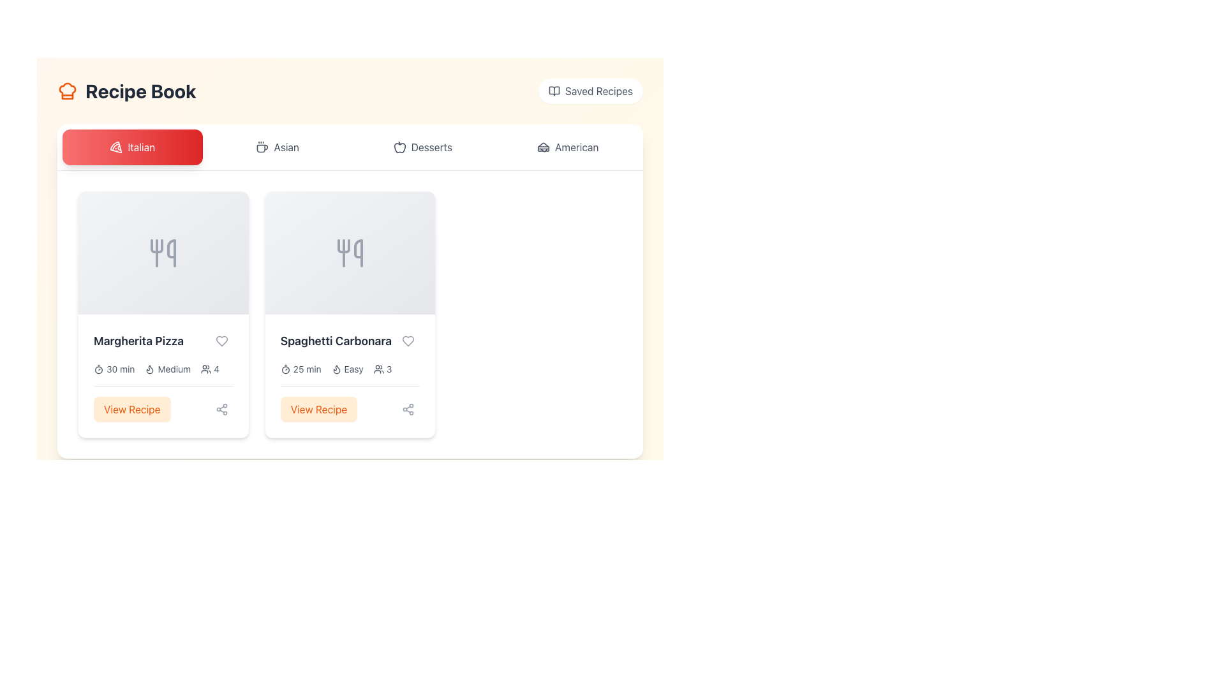  I want to click on the share icon button located at the bottom-right corner of the second card in the grid layout to change its color, so click(408, 409).